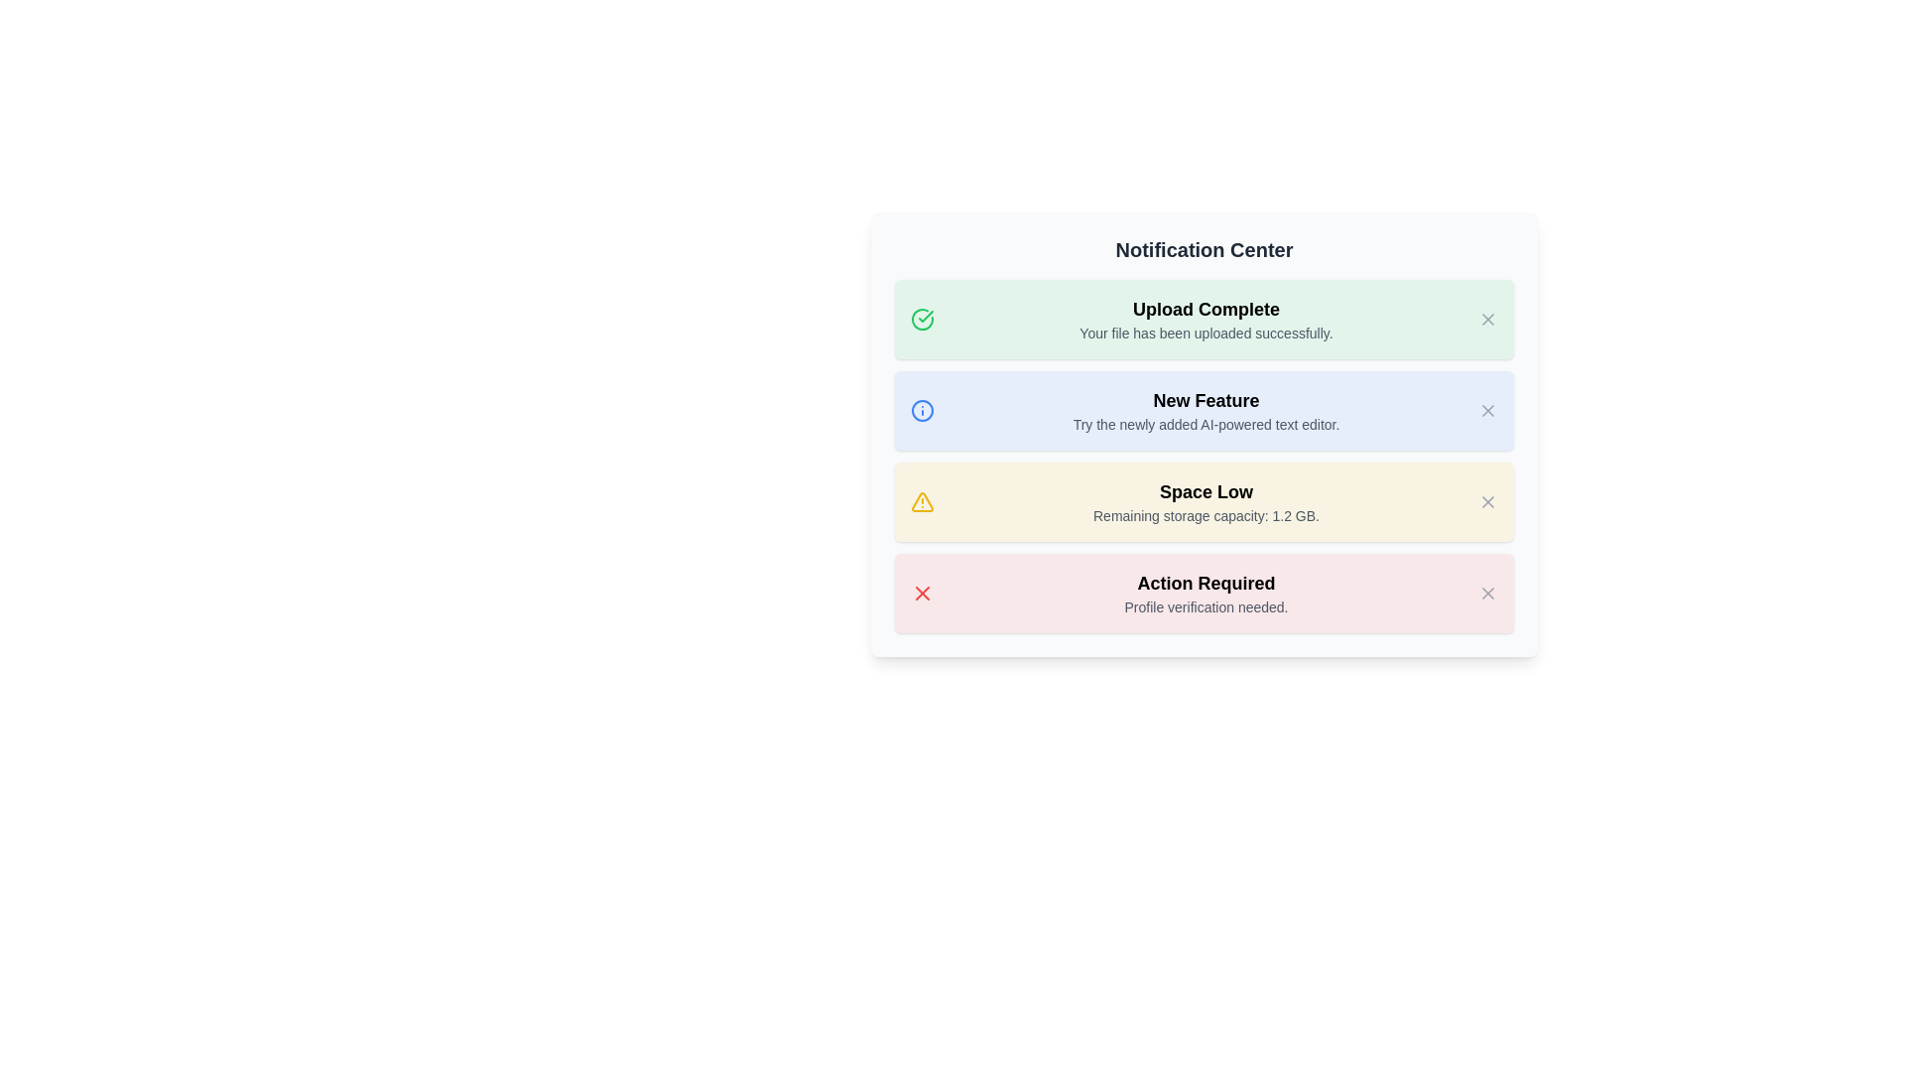 The width and height of the screenshot is (1905, 1072). What do you see at coordinates (1487, 592) in the screenshot?
I see `the cross ('X') icon in the bottom-right corner of the 'Action Required' notification to potentially reveal additional details` at bounding box center [1487, 592].